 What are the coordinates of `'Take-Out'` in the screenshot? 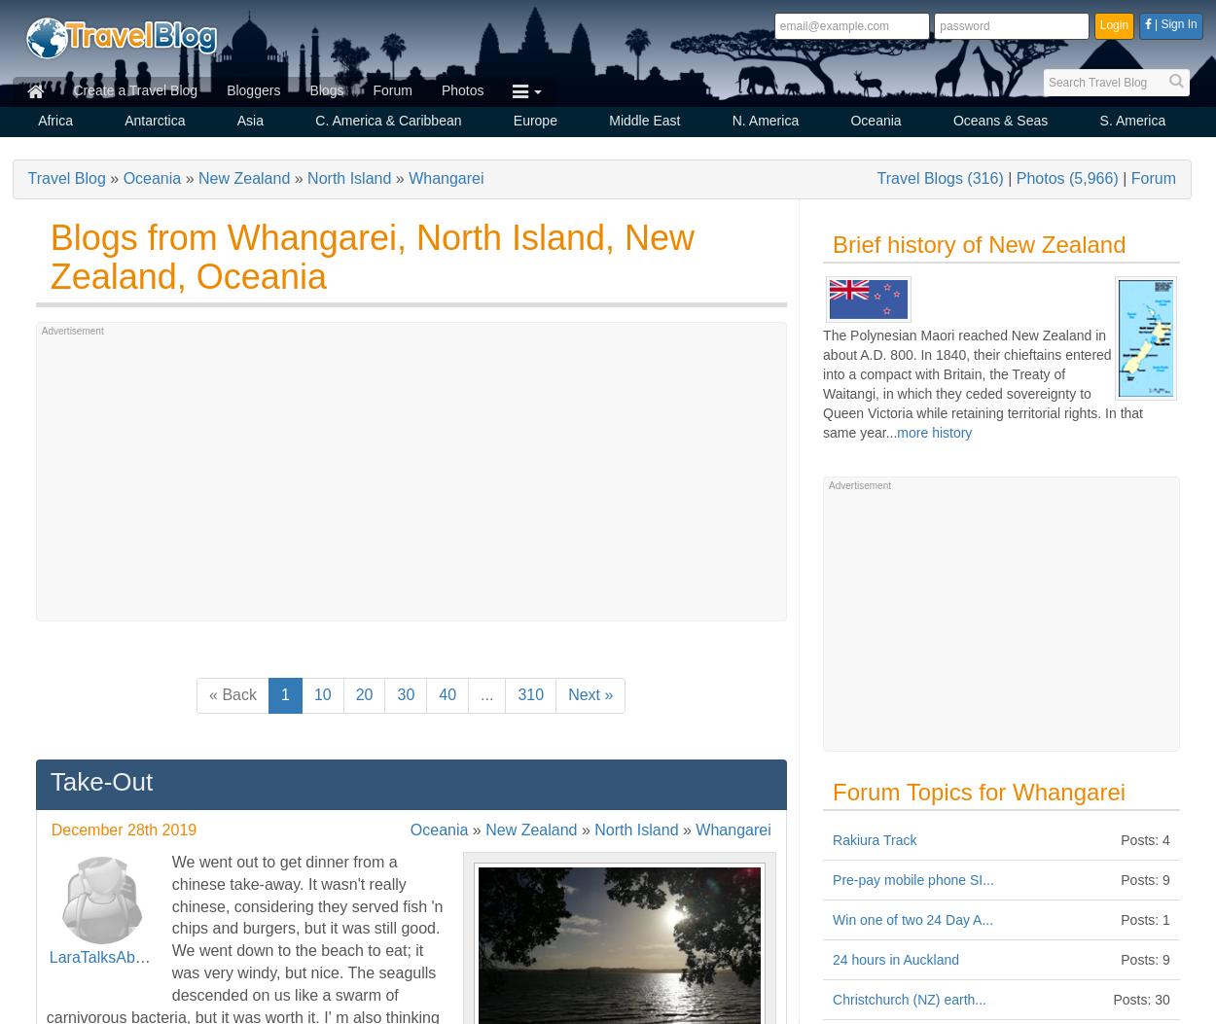 It's located at (100, 781).